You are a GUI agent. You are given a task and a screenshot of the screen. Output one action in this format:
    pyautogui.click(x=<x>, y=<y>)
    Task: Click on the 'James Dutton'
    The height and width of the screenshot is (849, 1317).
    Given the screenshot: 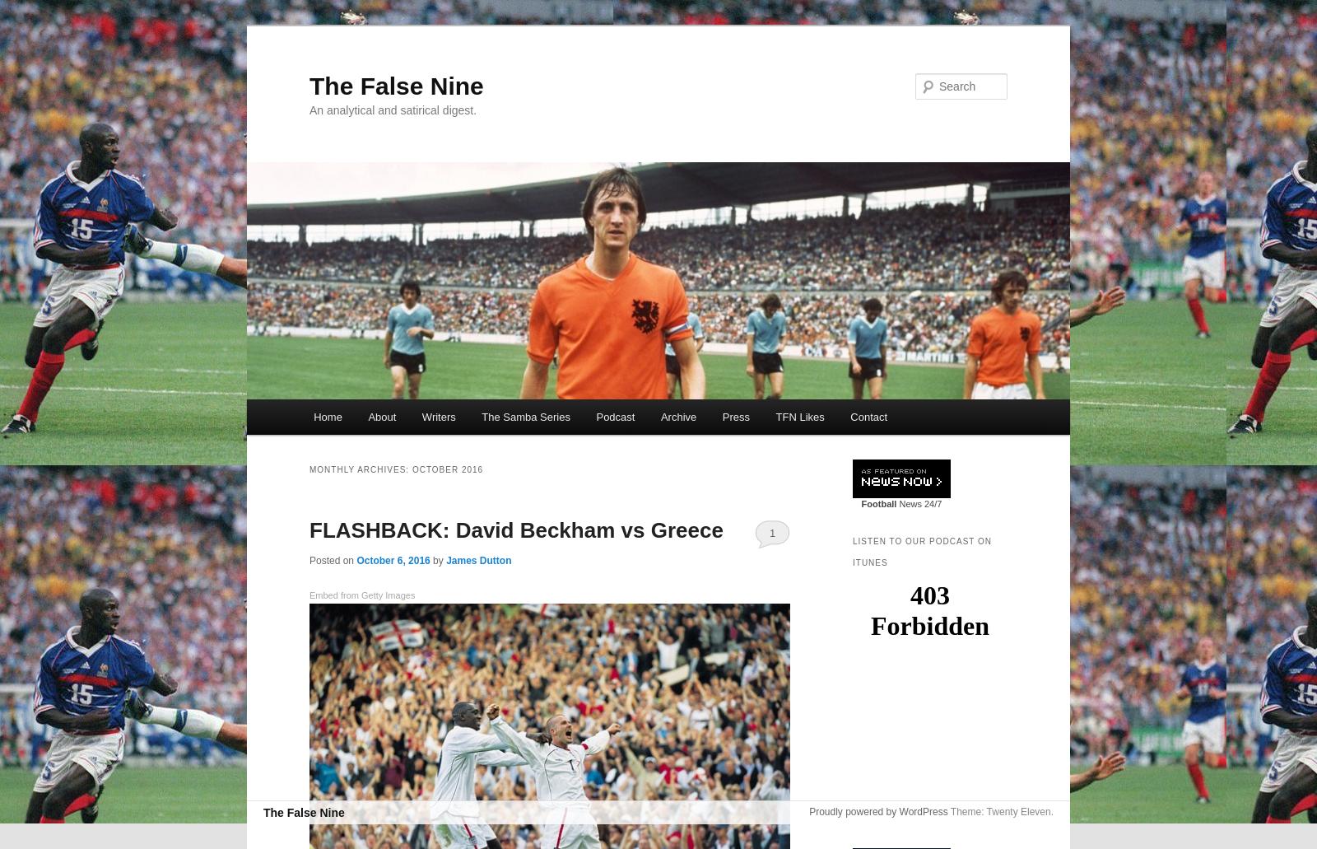 What is the action you would take?
    pyautogui.click(x=477, y=560)
    